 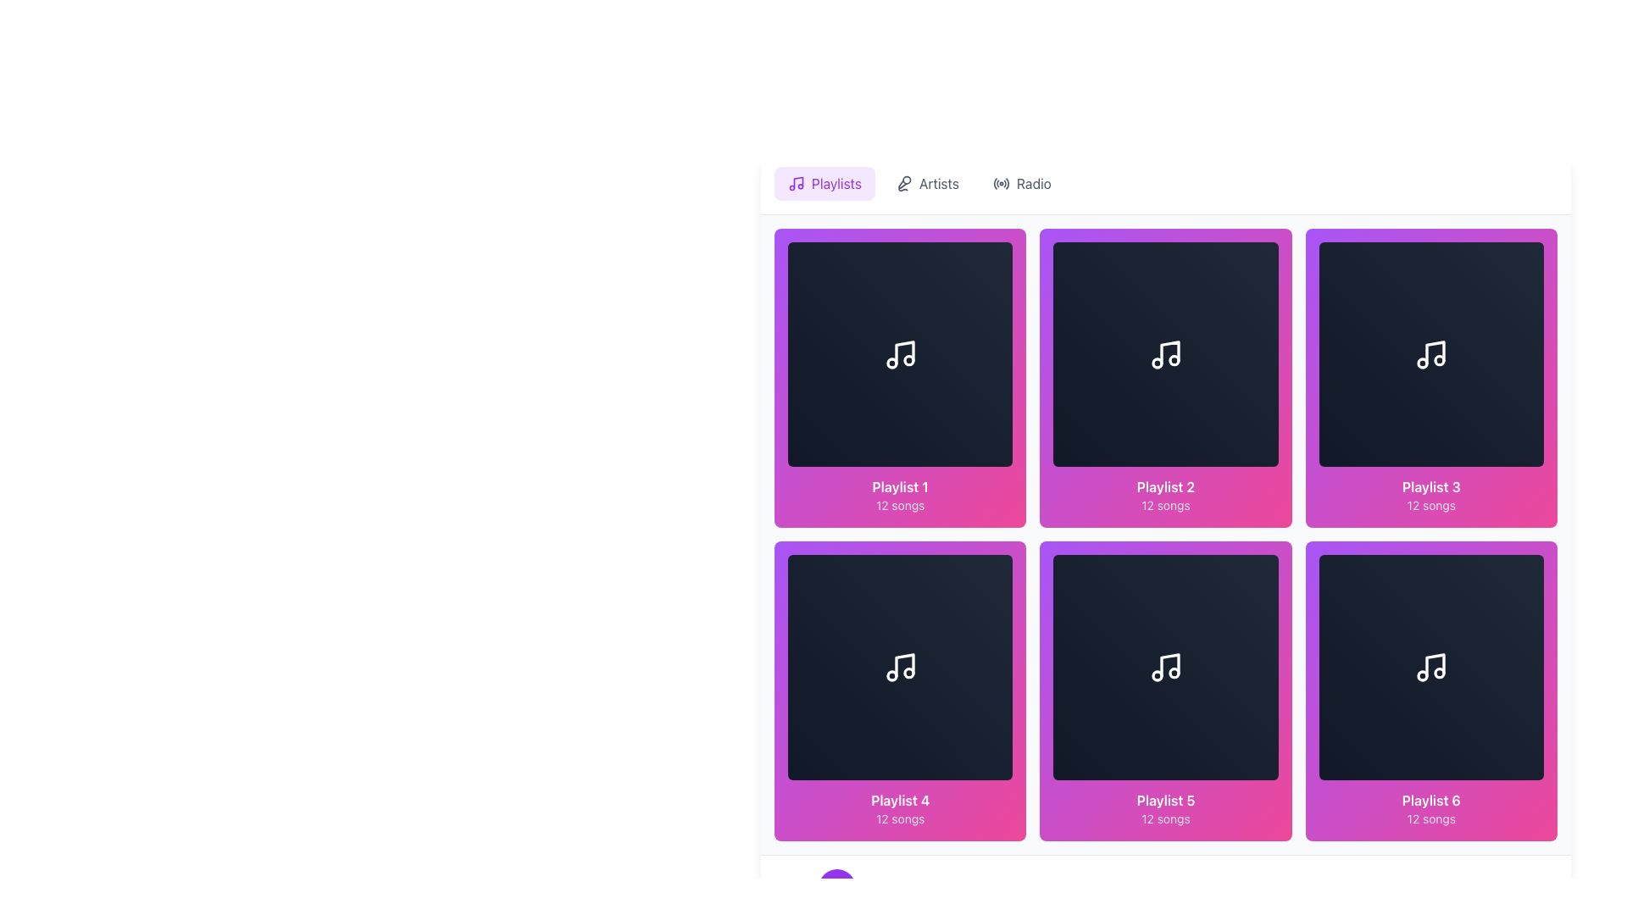 I want to click on SVG polygon element representing the left-pointing arrow icon for navigation, located in the bottom-right corner of the layout, so click(x=790, y=886).